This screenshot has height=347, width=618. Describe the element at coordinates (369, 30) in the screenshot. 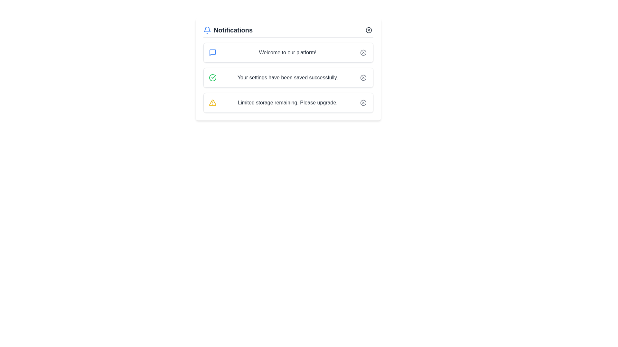

I see `the small circular button with a cross (X) icon` at that location.